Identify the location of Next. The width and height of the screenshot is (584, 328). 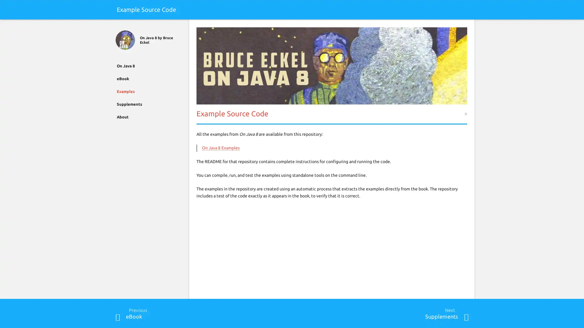
(466, 317).